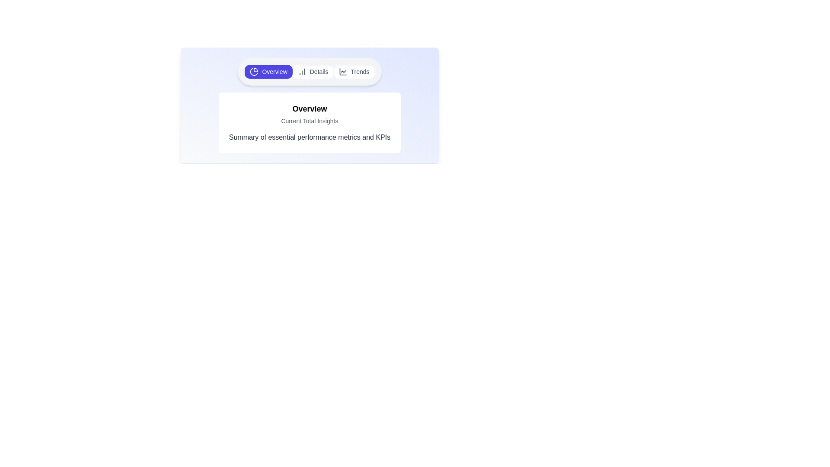  Describe the element at coordinates (313, 71) in the screenshot. I see `the Details tab to view its content` at that location.